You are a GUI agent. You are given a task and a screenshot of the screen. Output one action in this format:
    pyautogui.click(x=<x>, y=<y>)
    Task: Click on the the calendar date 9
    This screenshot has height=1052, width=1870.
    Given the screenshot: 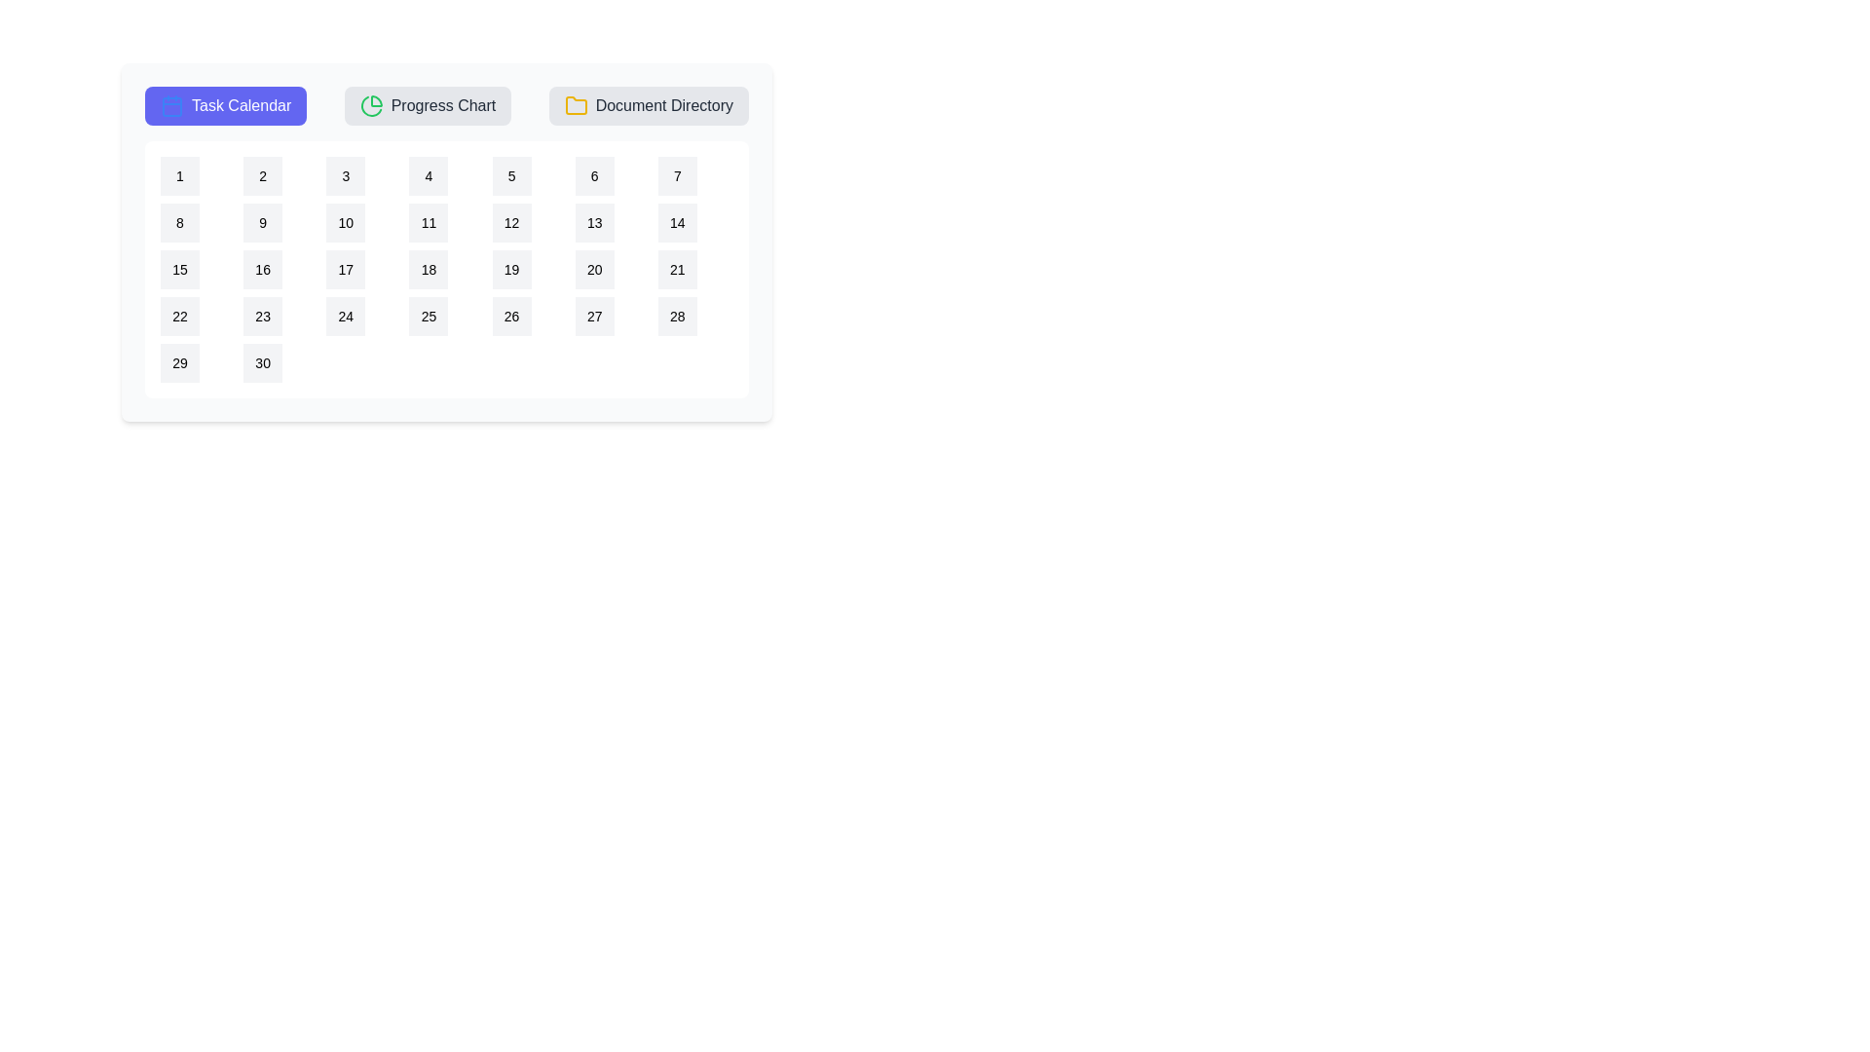 What is the action you would take?
    pyautogui.click(x=261, y=221)
    